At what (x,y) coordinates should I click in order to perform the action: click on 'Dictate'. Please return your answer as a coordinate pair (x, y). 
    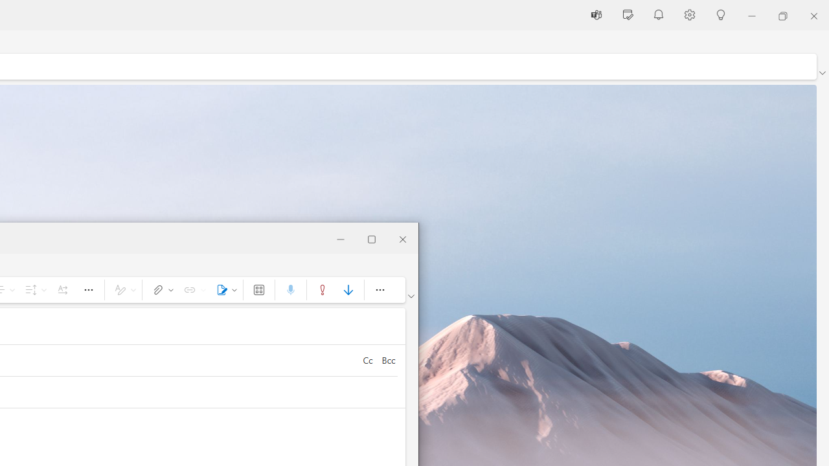
    Looking at the image, I should click on (290, 289).